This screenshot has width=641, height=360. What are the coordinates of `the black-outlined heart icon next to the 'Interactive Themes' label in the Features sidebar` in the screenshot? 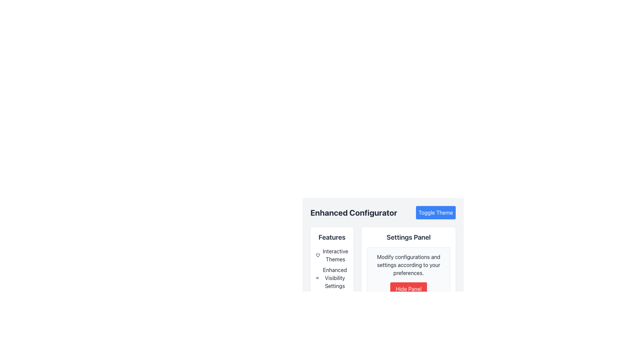 It's located at (317, 255).